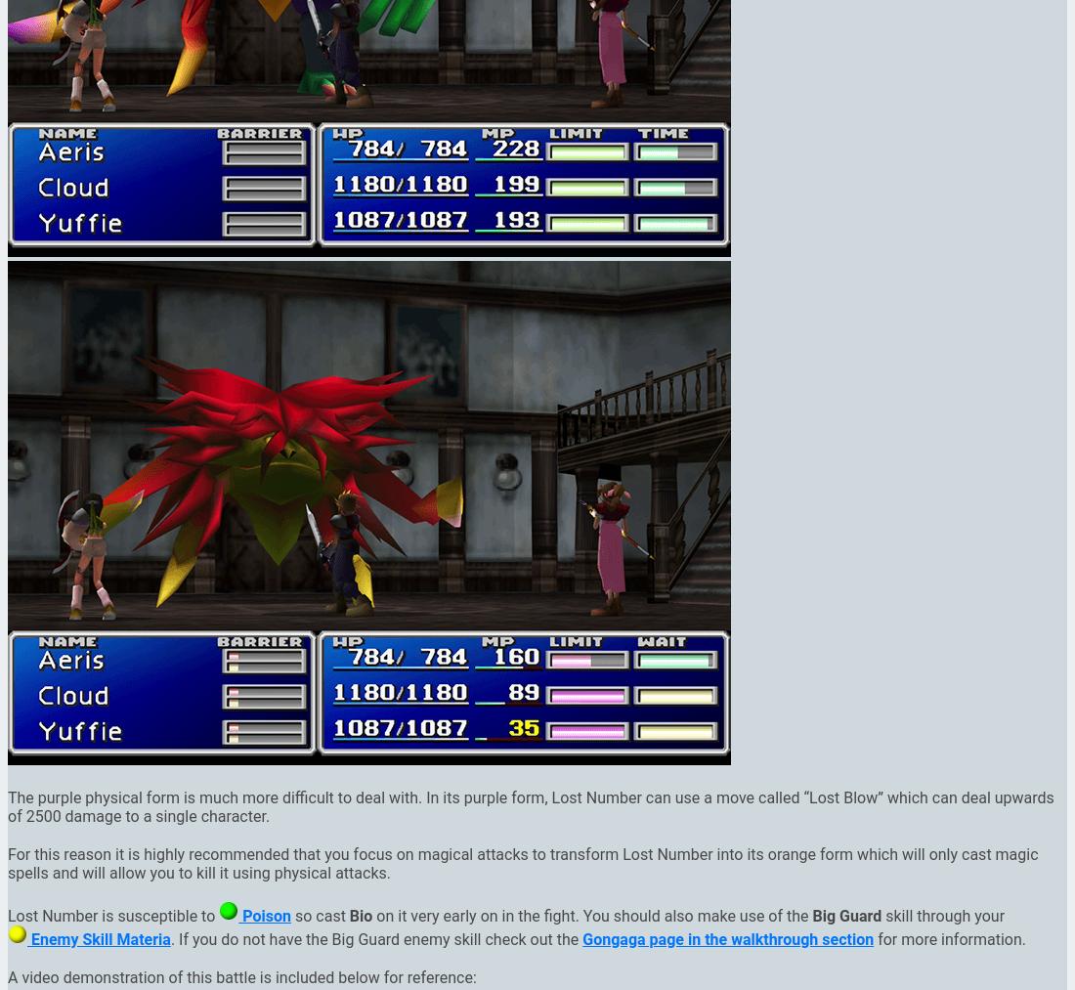 The width and height of the screenshot is (1075, 990). What do you see at coordinates (113, 915) in the screenshot?
I see `'Lost Number is susceptible to'` at bounding box center [113, 915].